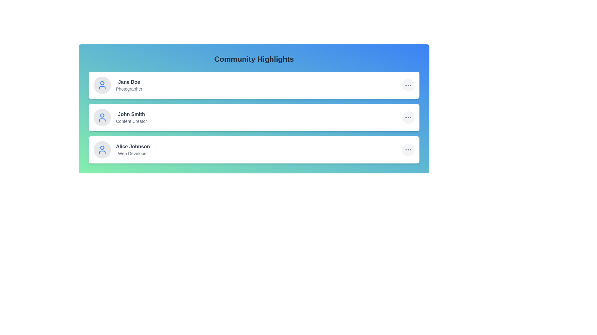  I want to click on text label displaying 'Photographer' located in the first row under 'Community Highlights', directly below 'Jane Doe', so click(129, 89).